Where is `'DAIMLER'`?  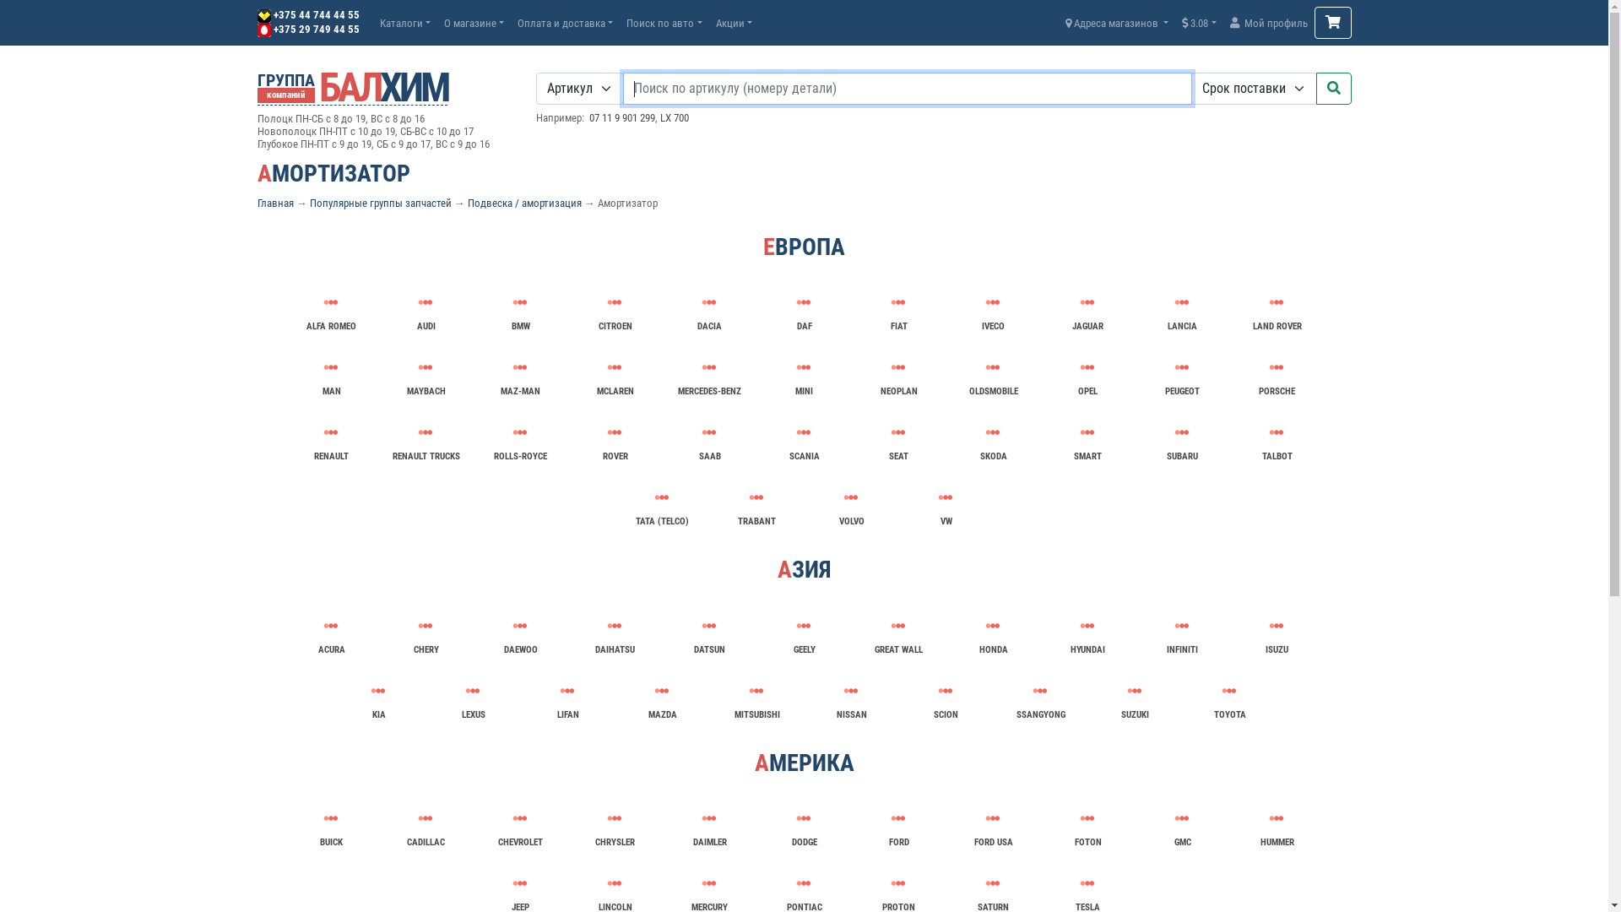 'DAIMLER' is located at coordinates (709, 817).